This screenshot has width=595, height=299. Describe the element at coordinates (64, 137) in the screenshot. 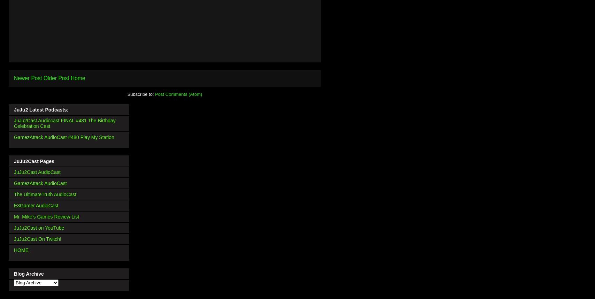

I see `'GamezAttack AudioCast #480 Play My Station'` at that location.